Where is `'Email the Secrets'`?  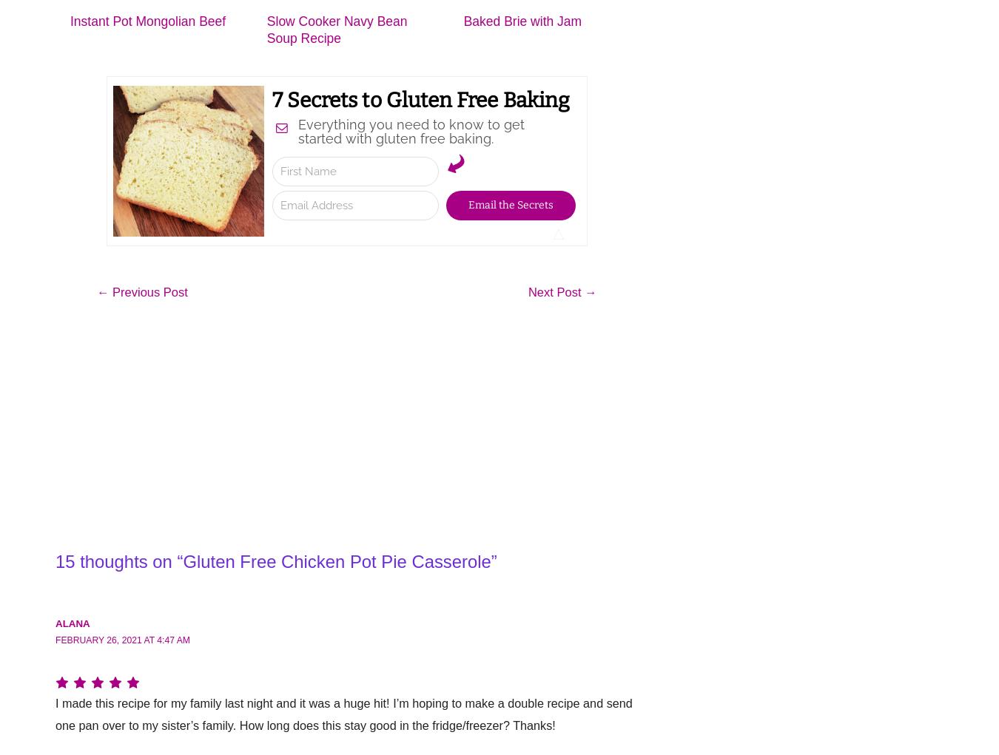 'Email the Secrets' is located at coordinates (509, 205).